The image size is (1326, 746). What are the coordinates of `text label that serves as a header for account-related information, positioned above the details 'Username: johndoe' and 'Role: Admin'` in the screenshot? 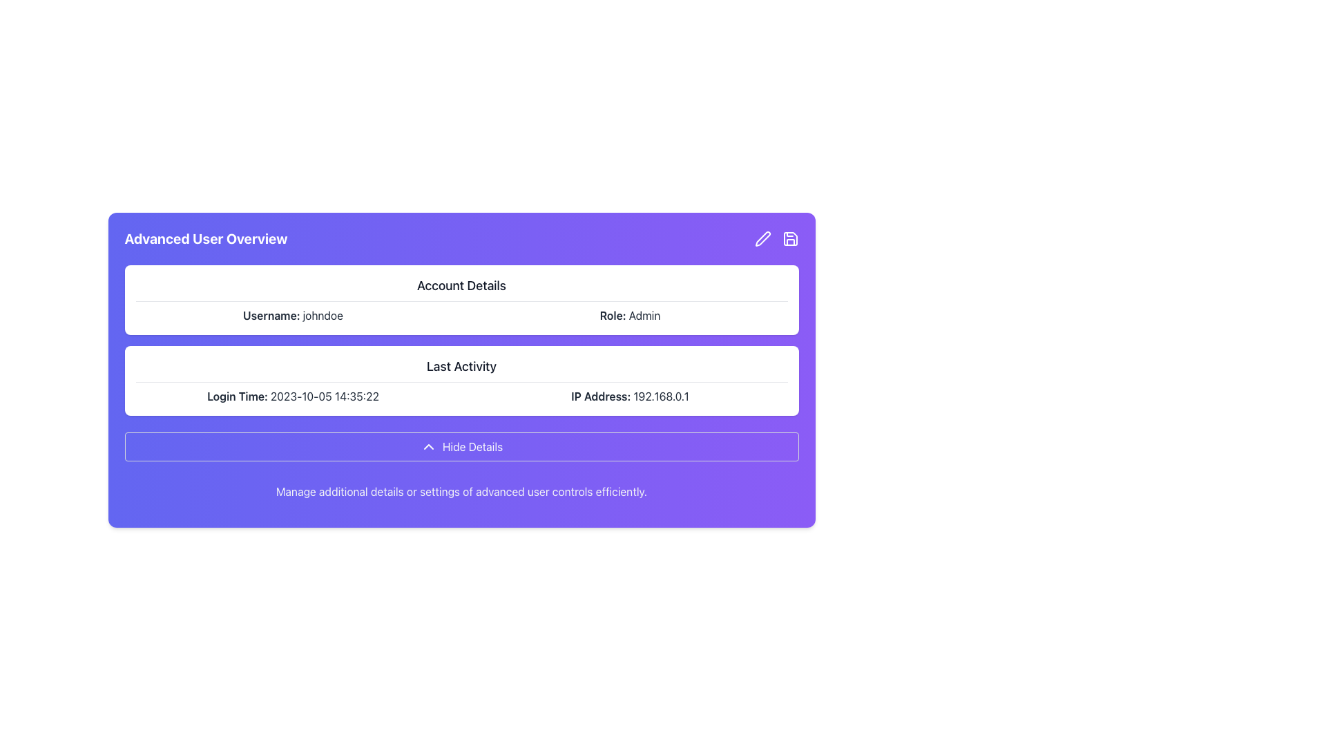 It's located at (461, 288).